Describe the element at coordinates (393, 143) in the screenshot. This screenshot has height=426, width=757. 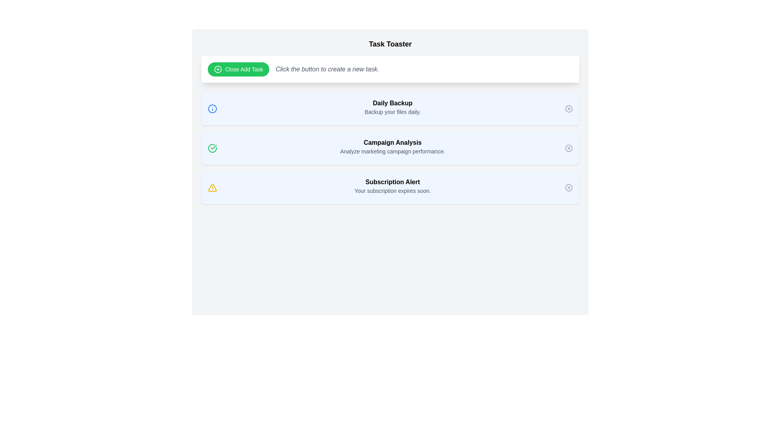
I see `the static text element styled as a heading, which serves as a section title between the 'Daily Backup' and 'Subscription Alert' sections` at that location.